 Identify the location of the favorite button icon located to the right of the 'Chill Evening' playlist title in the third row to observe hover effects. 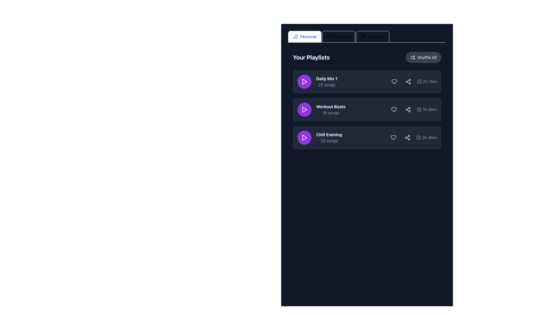
(393, 137).